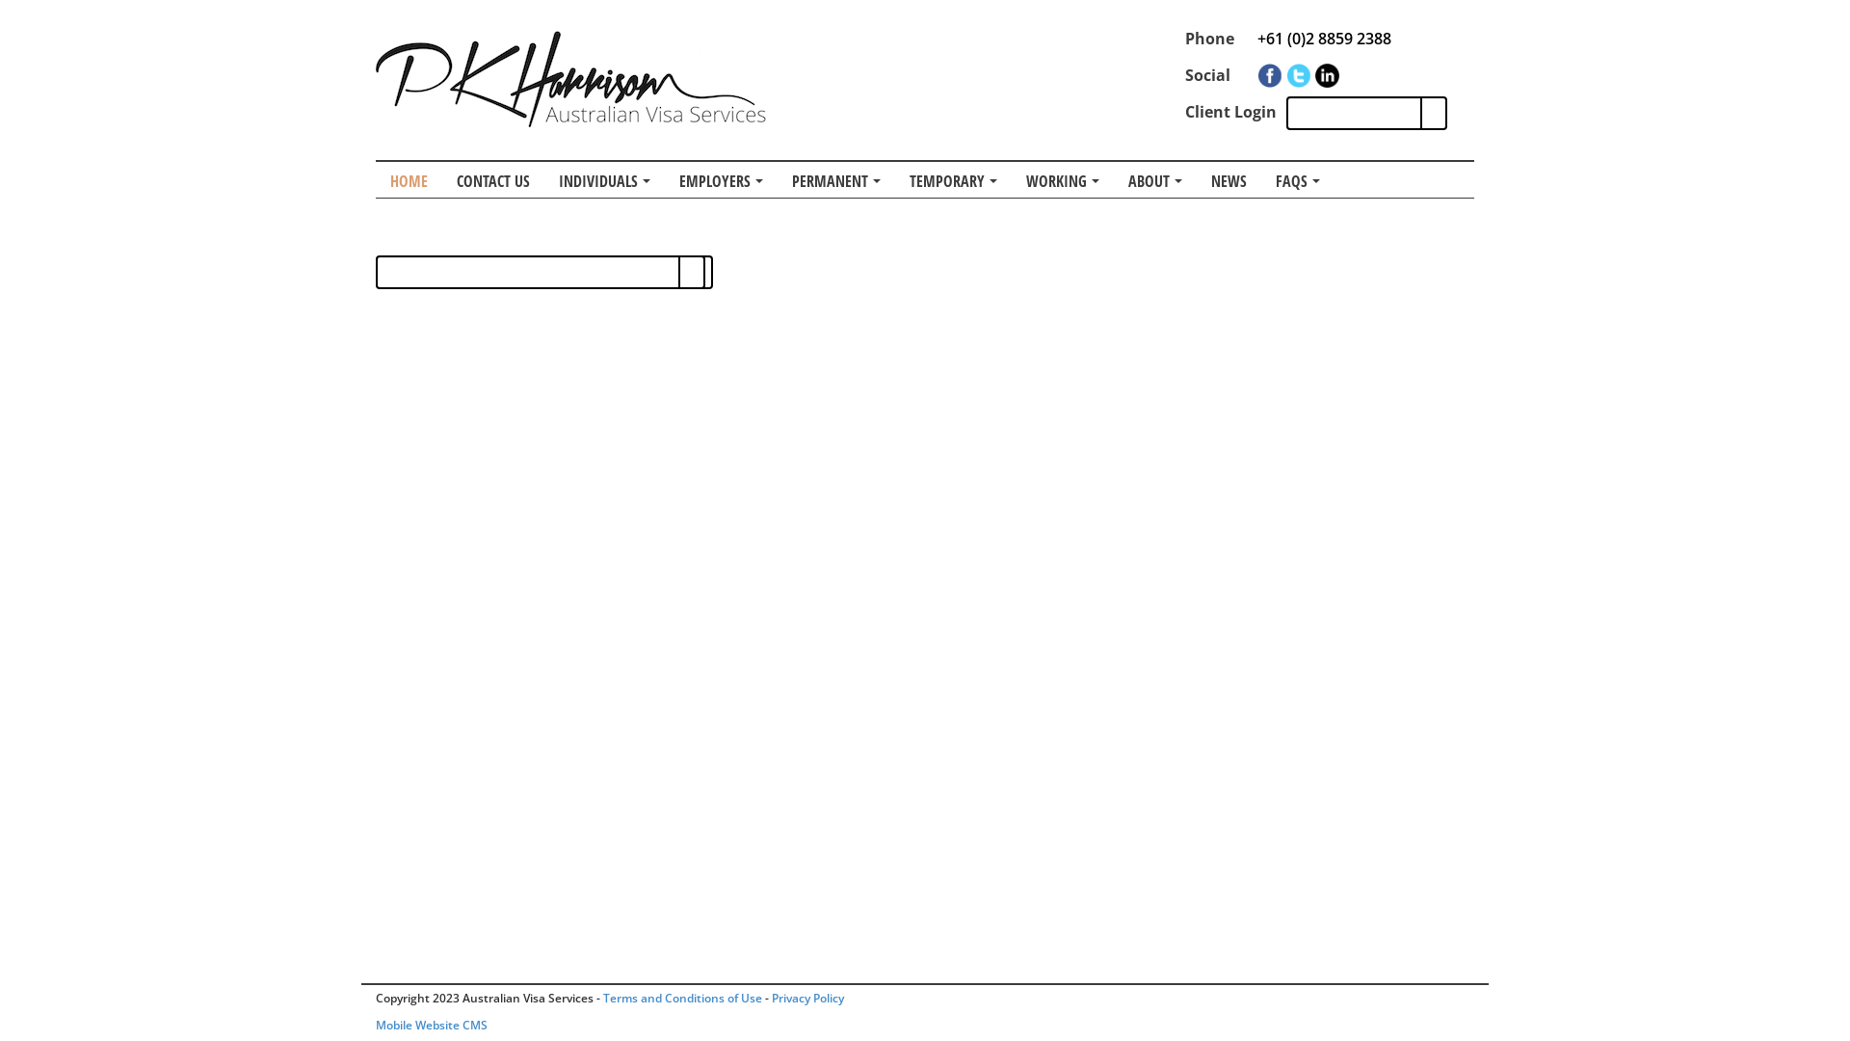 The image size is (1850, 1041). What do you see at coordinates (1298, 179) in the screenshot?
I see `'FAQS'` at bounding box center [1298, 179].